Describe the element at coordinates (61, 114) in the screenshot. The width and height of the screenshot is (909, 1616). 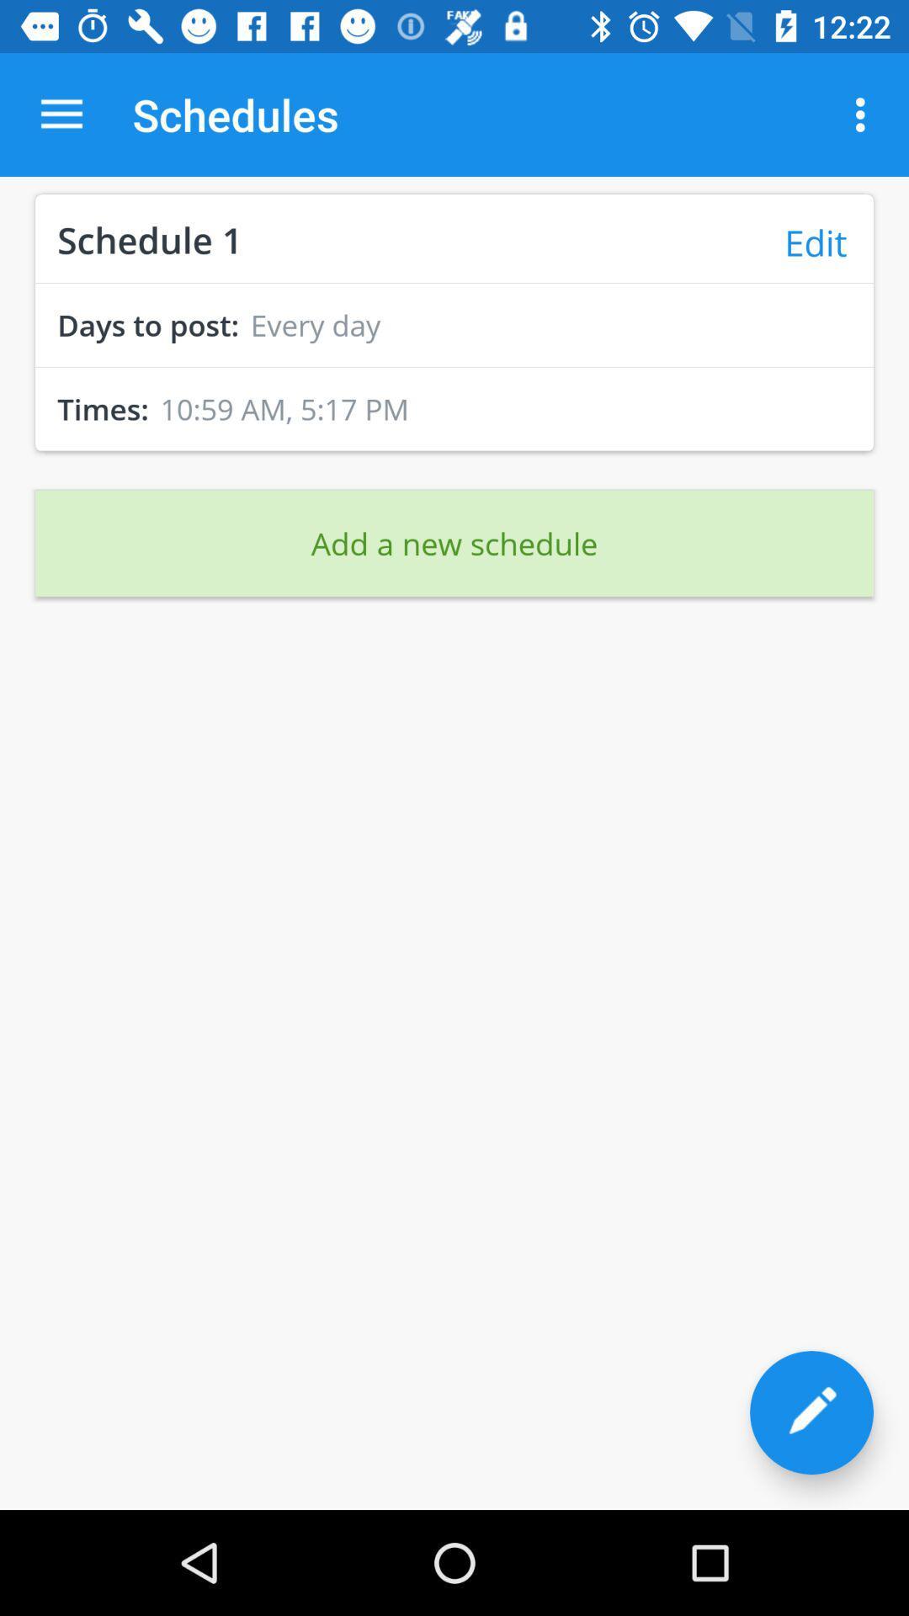
I see `app next to the schedules app` at that location.